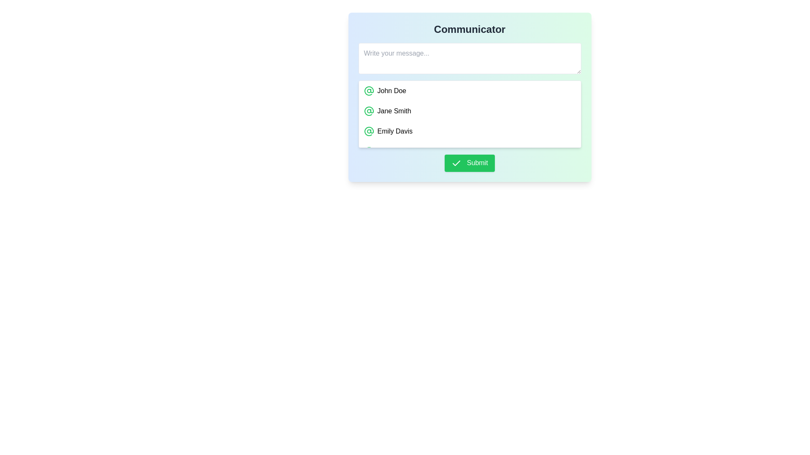 The height and width of the screenshot is (455, 810). Describe the element at coordinates (469, 110) in the screenshot. I see `the selectable list item reading 'Jane Smith', which is the second entry in a vertical list of four` at that location.